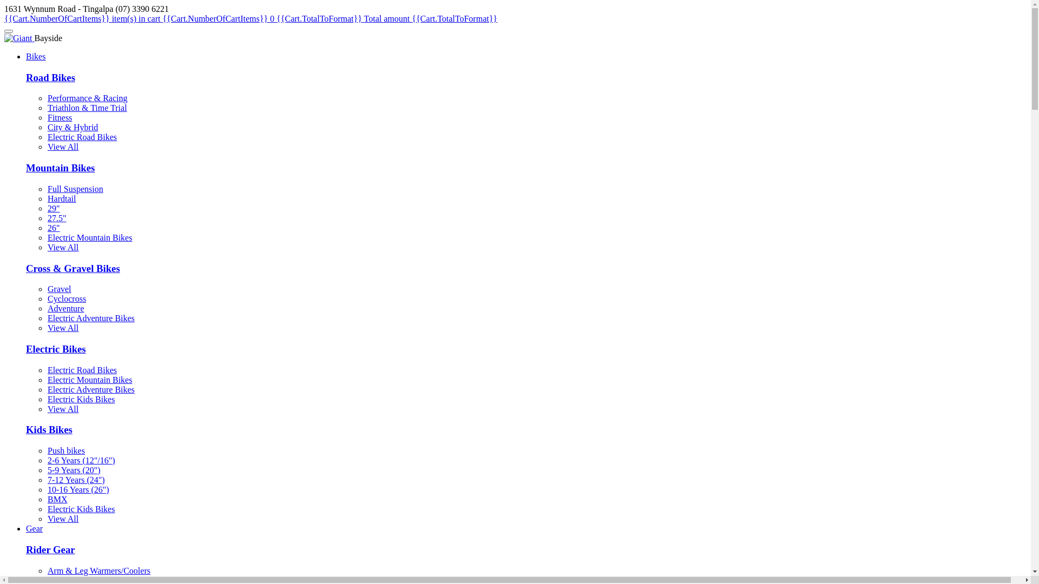 This screenshot has width=1039, height=584. I want to click on 'Full Suspension', so click(75, 188).